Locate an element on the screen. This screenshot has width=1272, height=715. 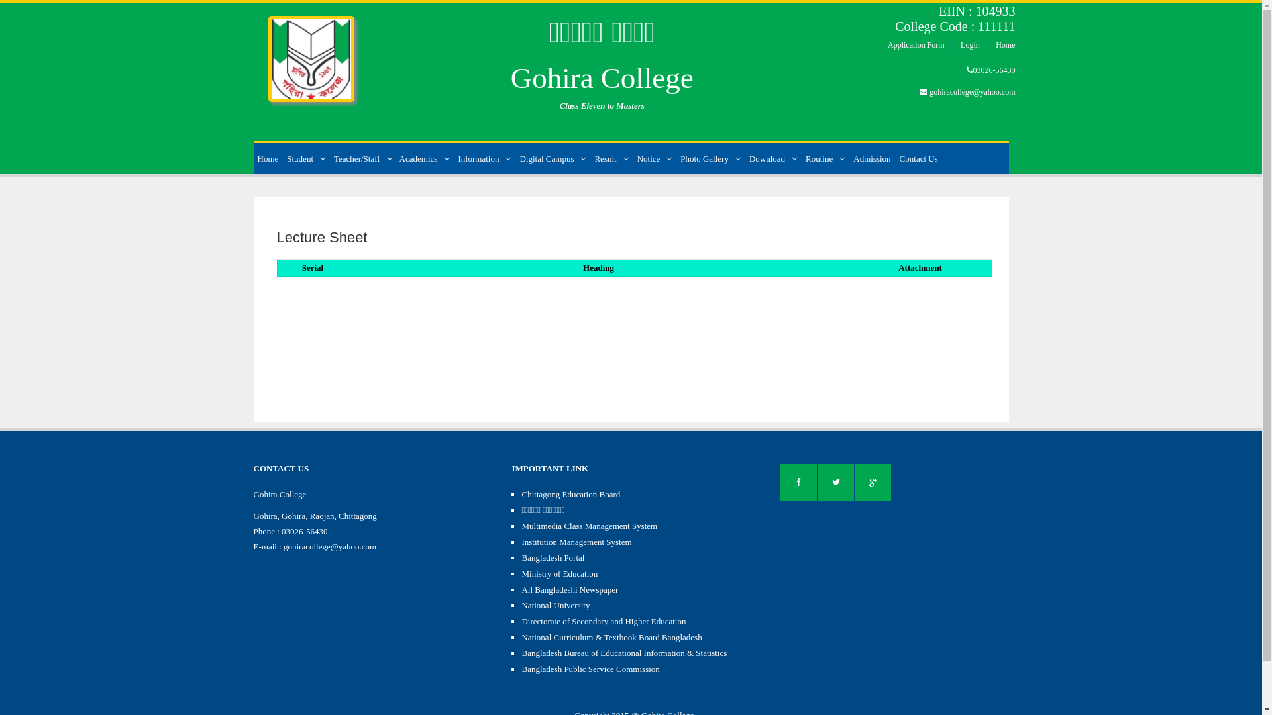
'Digital Campus' is located at coordinates (553, 158).